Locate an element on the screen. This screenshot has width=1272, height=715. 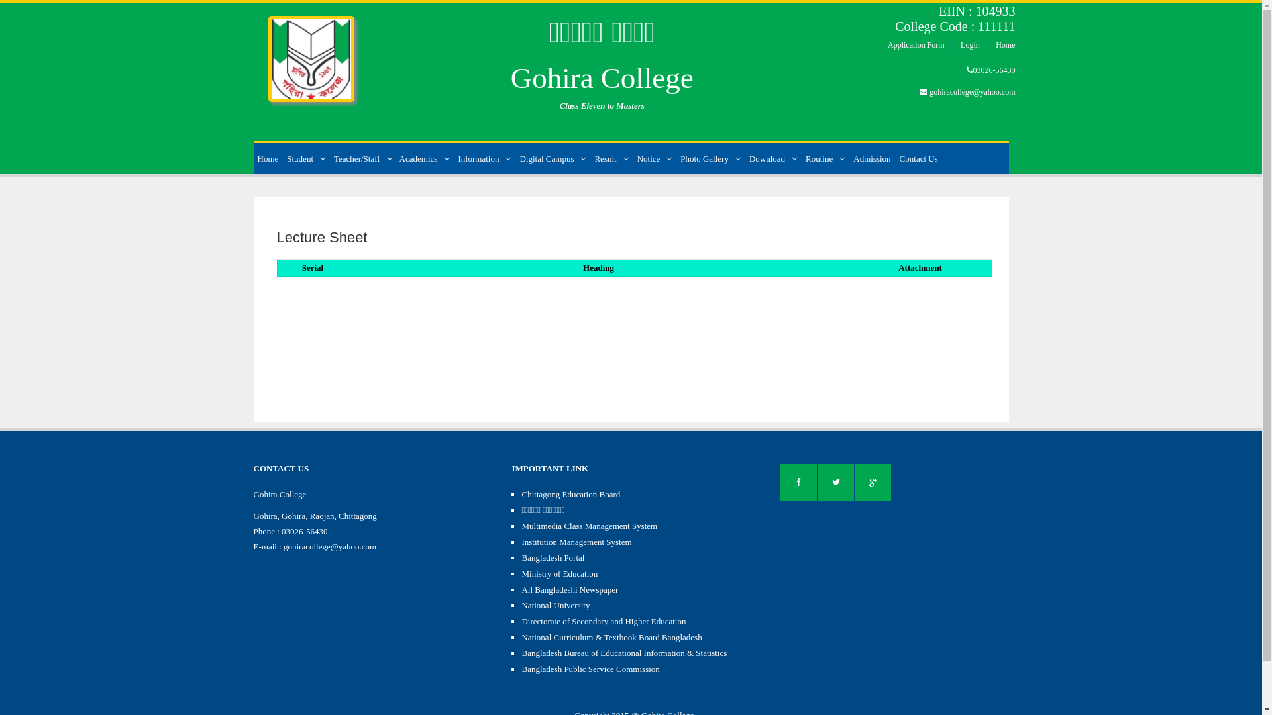
'Digital Campus' is located at coordinates (553, 158).